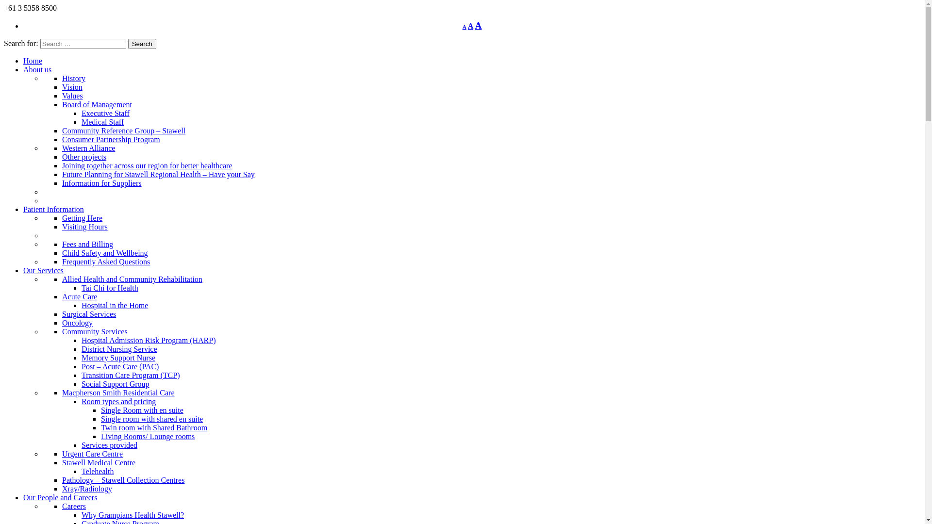  Describe the element at coordinates (60, 497) in the screenshot. I see `'Our People and Careers'` at that location.